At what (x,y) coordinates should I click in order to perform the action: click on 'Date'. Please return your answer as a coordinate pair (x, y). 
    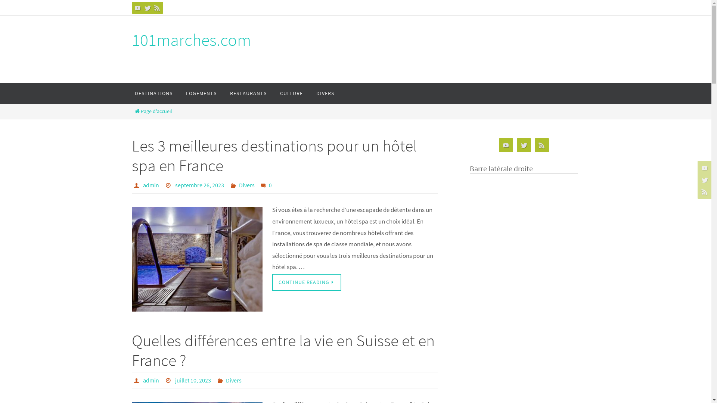
    Looking at the image, I should click on (169, 185).